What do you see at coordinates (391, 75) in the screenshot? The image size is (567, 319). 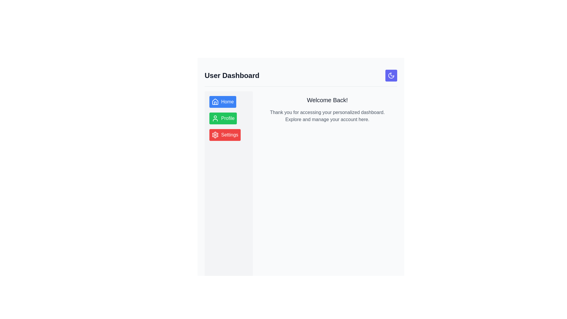 I see `the button in the top-right corner of the User Dashboard` at bounding box center [391, 75].